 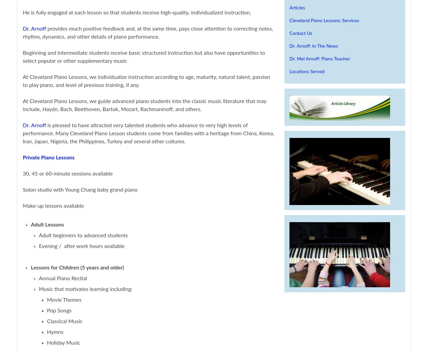 What do you see at coordinates (148, 32) in the screenshot?
I see `'provides much positive feedback and, at the same time, pays close attention to correcting notes, rhythm, dynamics, and other details of piano performance.'` at bounding box center [148, 32].